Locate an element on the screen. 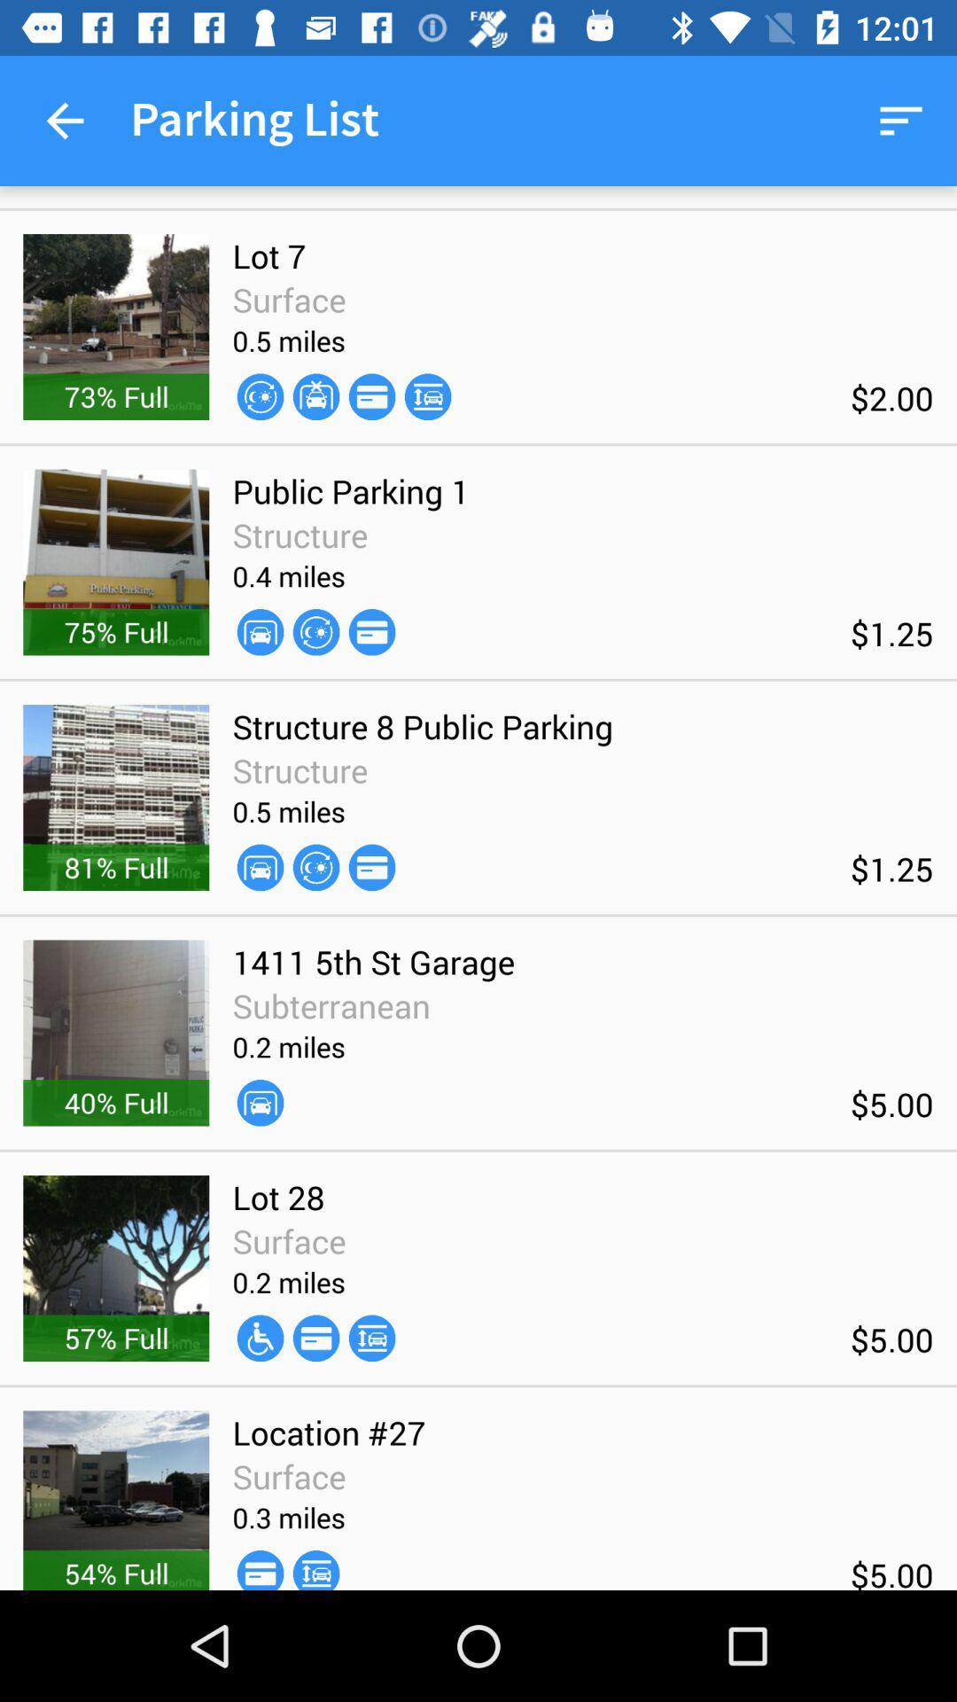 The height and width of the screenshot is (1702, 957). the lot 28 icon is located at coordinates (278, 1197).